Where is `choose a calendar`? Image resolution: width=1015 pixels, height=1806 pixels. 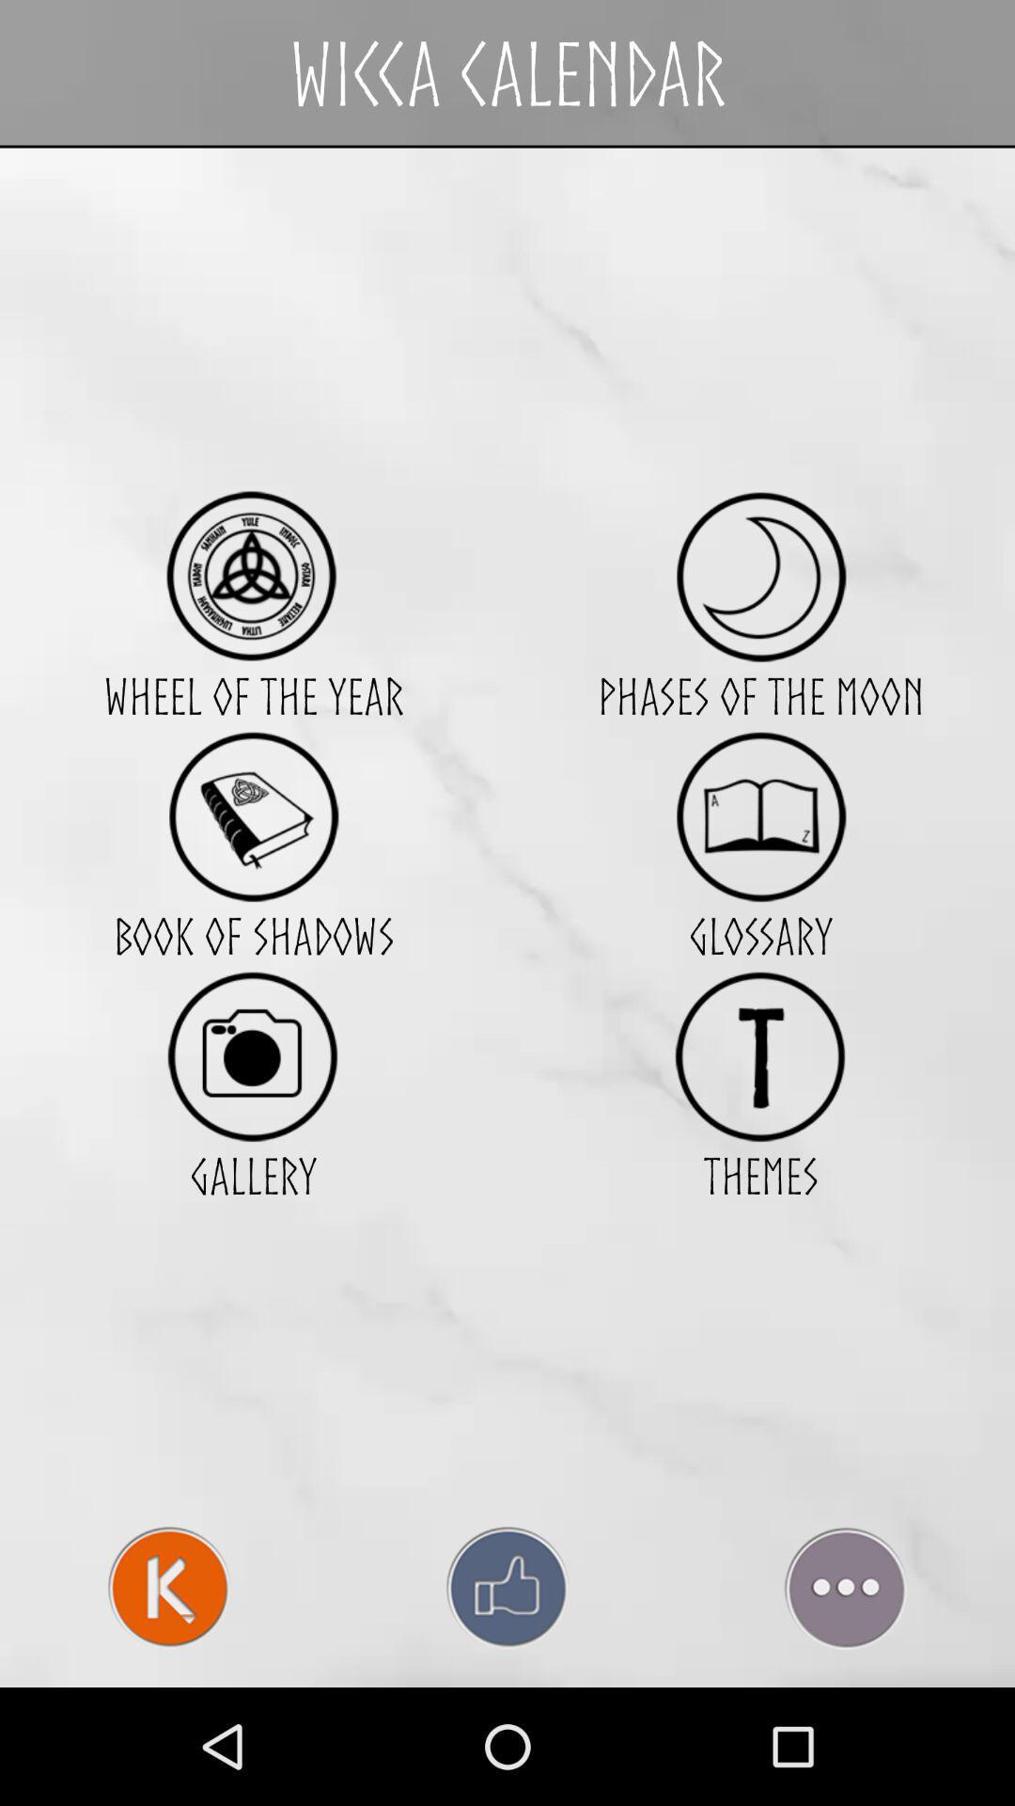 choose a calendar is located at coordinates (252, 576).